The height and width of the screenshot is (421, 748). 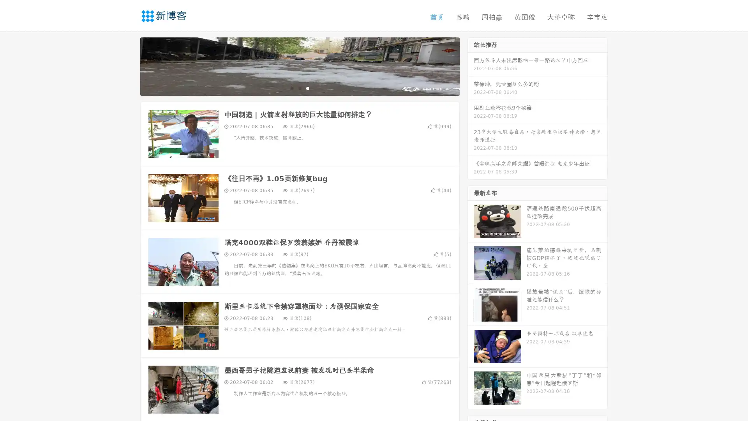 I want to click on Go to slide 1, so click(x=291, y=88).